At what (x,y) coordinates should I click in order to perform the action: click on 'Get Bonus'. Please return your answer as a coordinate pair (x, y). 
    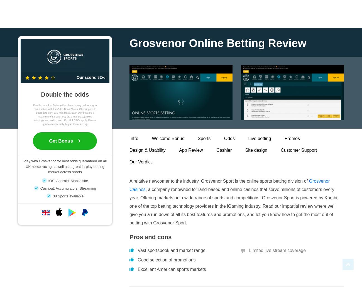
    Looking at the image, I should click on (49, 141).